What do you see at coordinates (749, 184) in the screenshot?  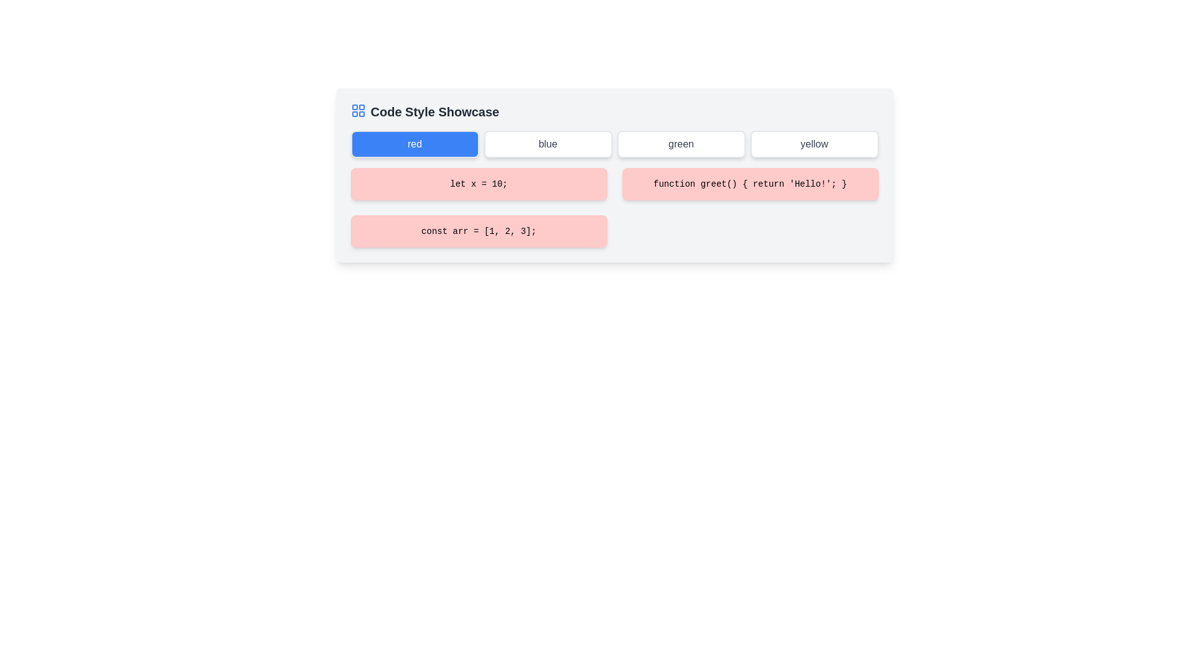 I see `content displayed in the Text Label (Code Snippet) with a light pink background that contains the text 'function greet() { return 'Hello!'; }'` at bounding box center [749, 184].